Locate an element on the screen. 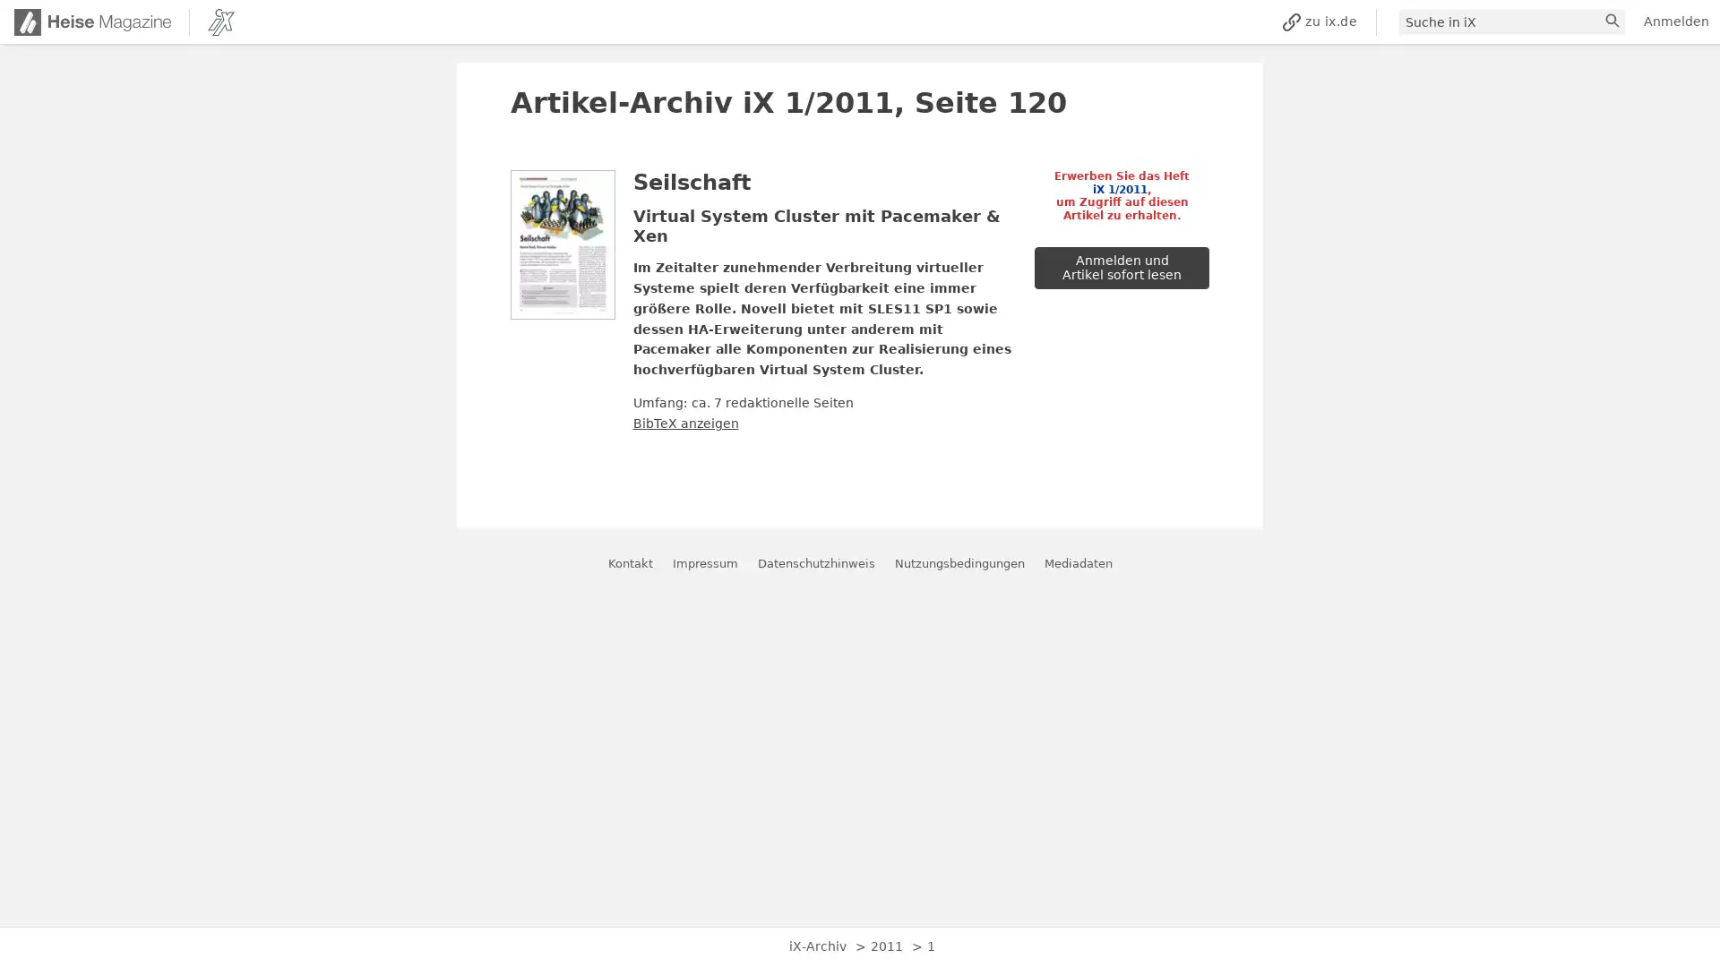 Image resolution: width=1720 pixels, height=967 pixels. BibTeX anzeigen is located at coordinates (684, 422).